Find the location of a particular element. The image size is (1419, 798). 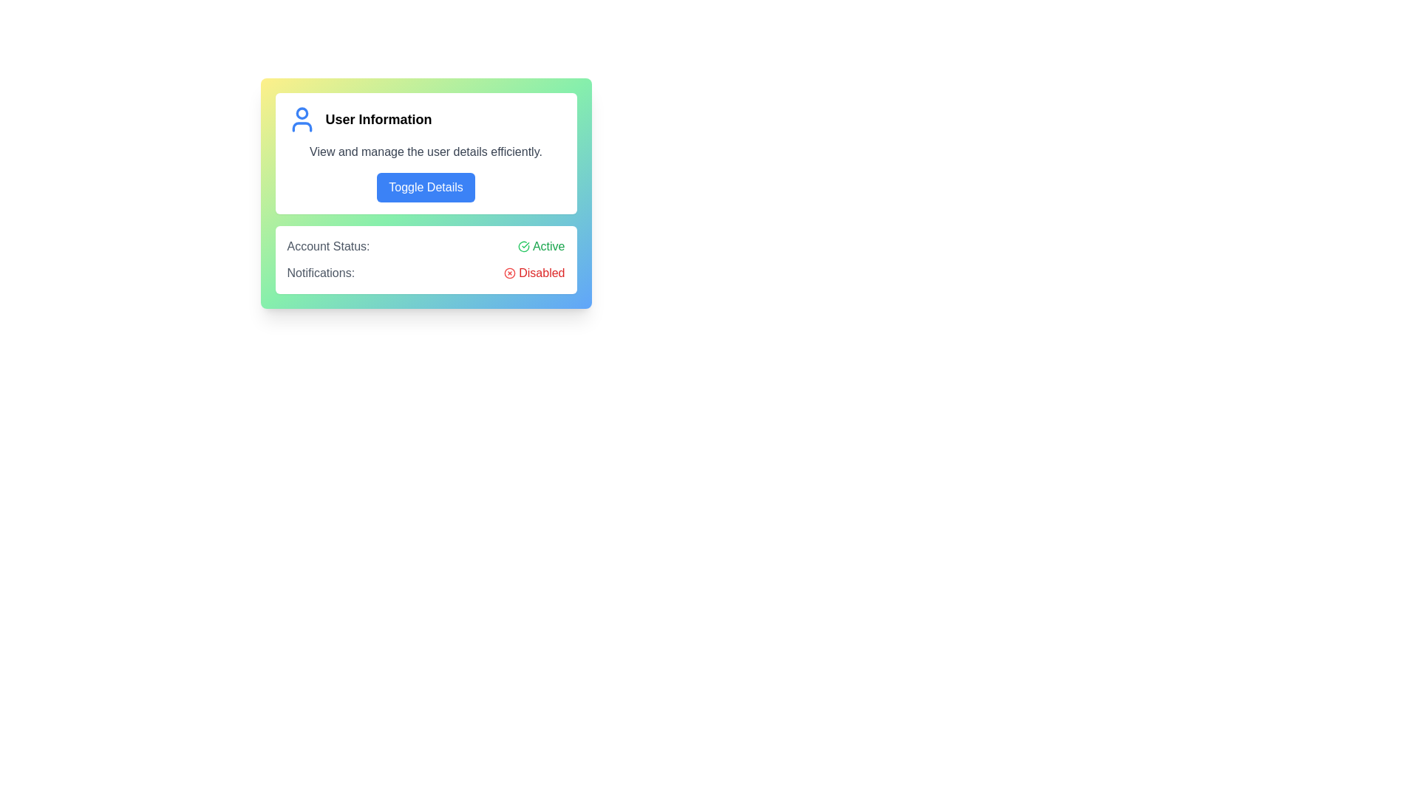

the blue rectangular button labeled 'Toggle Details' located within the 'User Information' card is located at coordinates (425, 187).